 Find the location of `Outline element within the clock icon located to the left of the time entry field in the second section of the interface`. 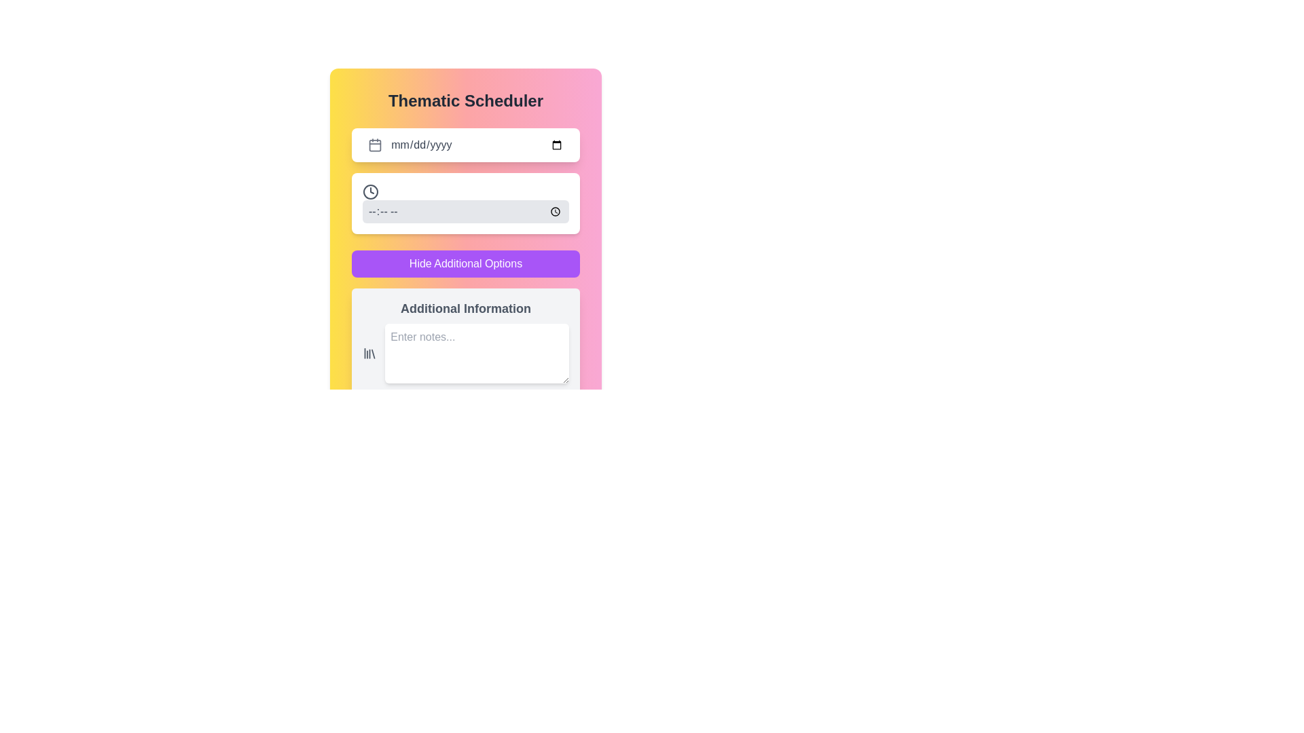

Outline element within the clock icon located to the left of the time entry field in the second section of the interface is located at coordinates (371, 191).